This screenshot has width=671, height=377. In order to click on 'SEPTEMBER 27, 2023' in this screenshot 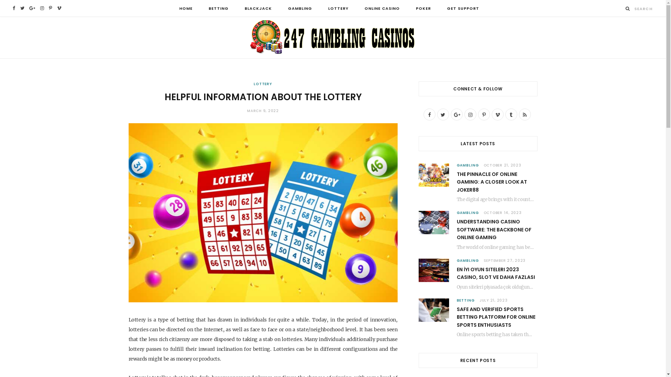, I will do `click(483, 260)`.